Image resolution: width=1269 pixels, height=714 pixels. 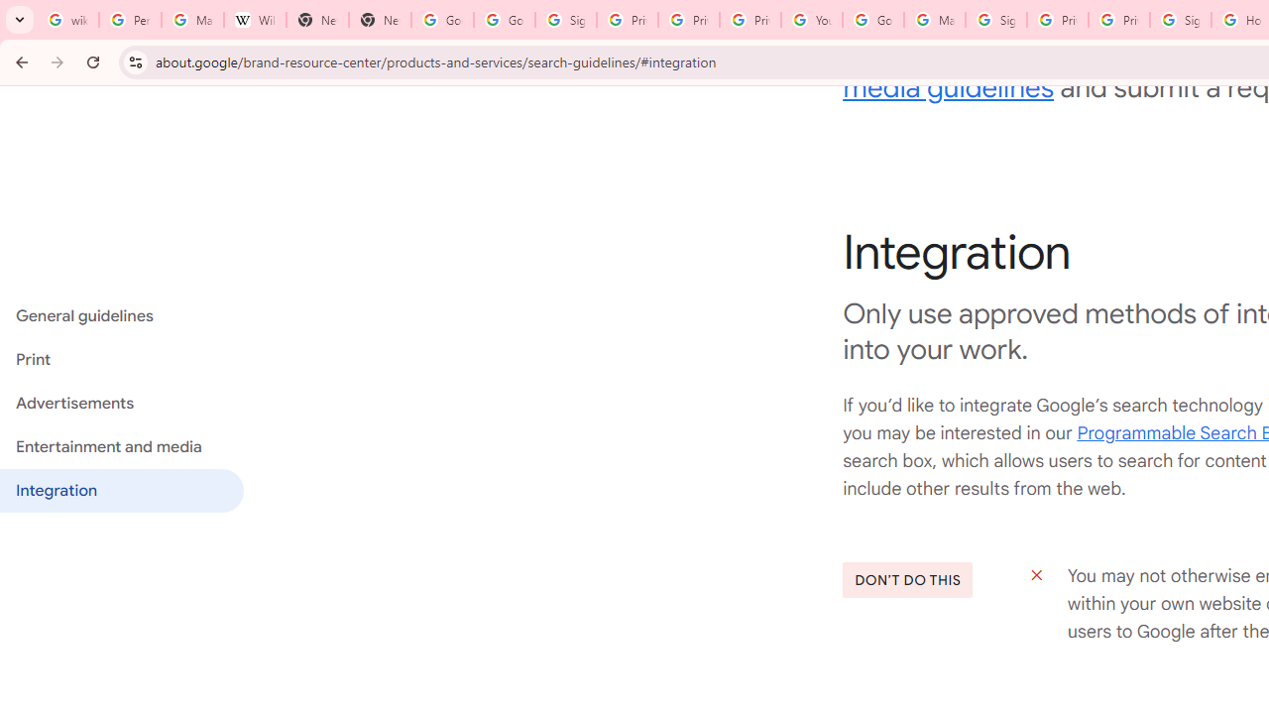 What do you see at coordinates (812, 20) in the screenshot?
I see `'YouTube'` at bounding box center [812, 20].